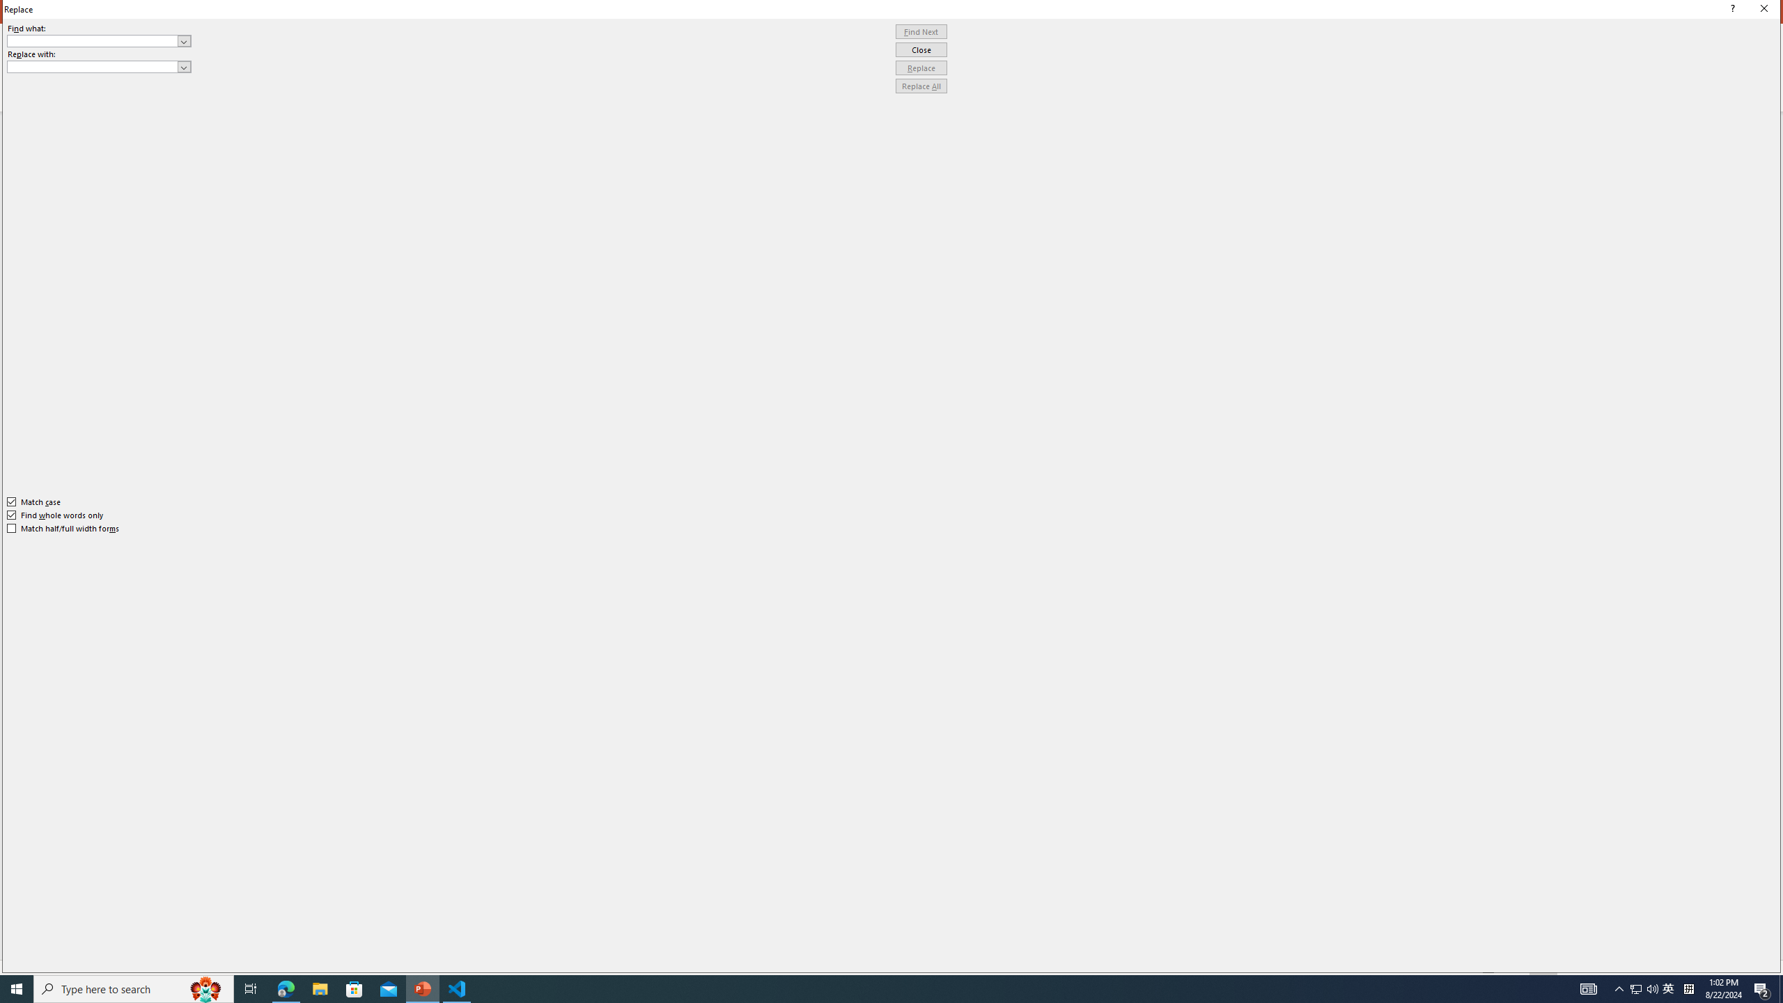 The width and height of the screenshot is (1783, 1003). What do you see at coordinates (921, 85) in the screenshot?
I see `'Replace All'` at bounding box center [921, 85].